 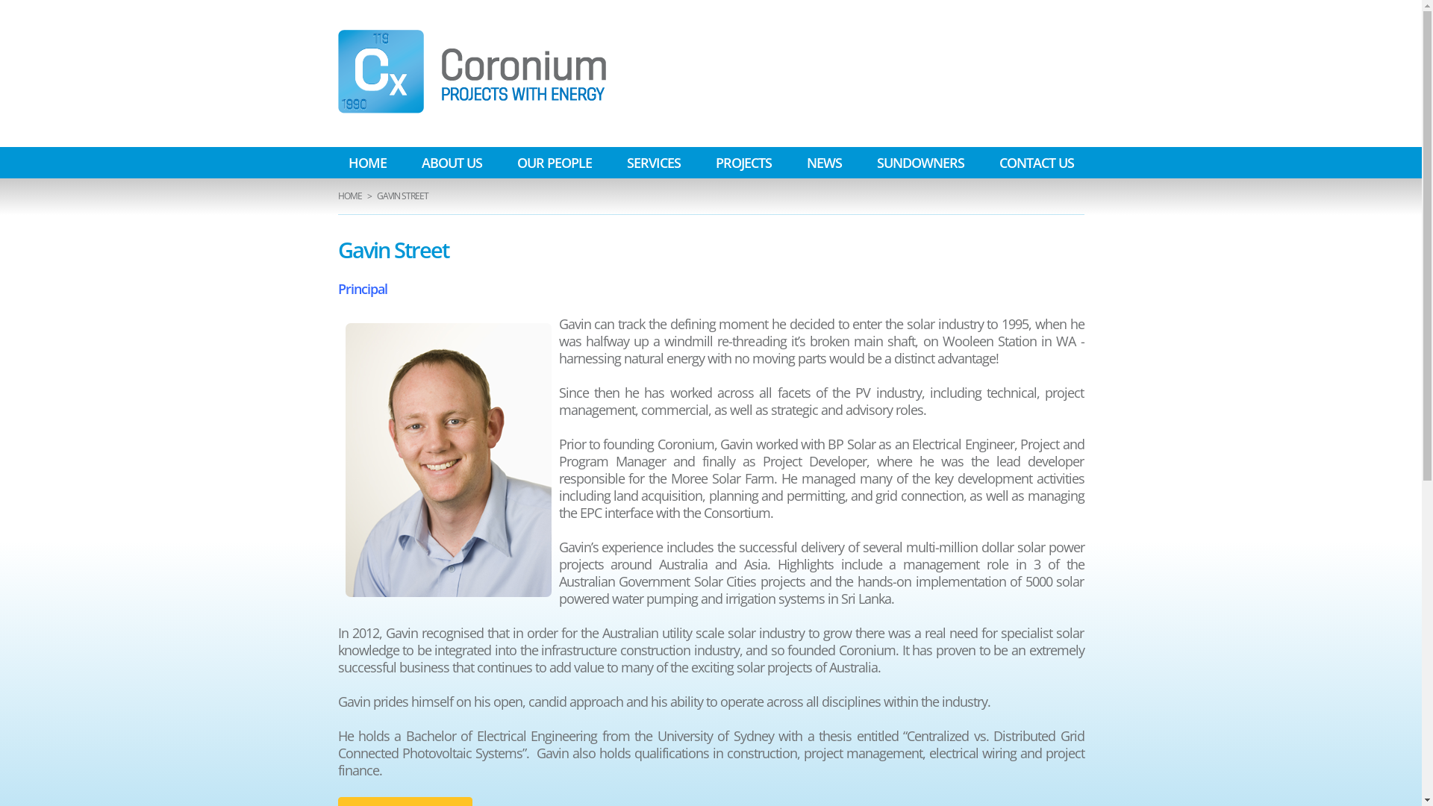 What do you see at coordinates (866, 163) in the screenshot?
I see `'SUNDOWNERS'` at bounding box center [866, 163].